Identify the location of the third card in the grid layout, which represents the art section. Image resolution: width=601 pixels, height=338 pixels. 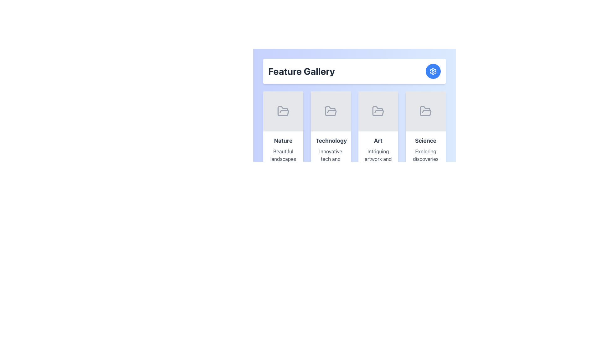
(378, 146).